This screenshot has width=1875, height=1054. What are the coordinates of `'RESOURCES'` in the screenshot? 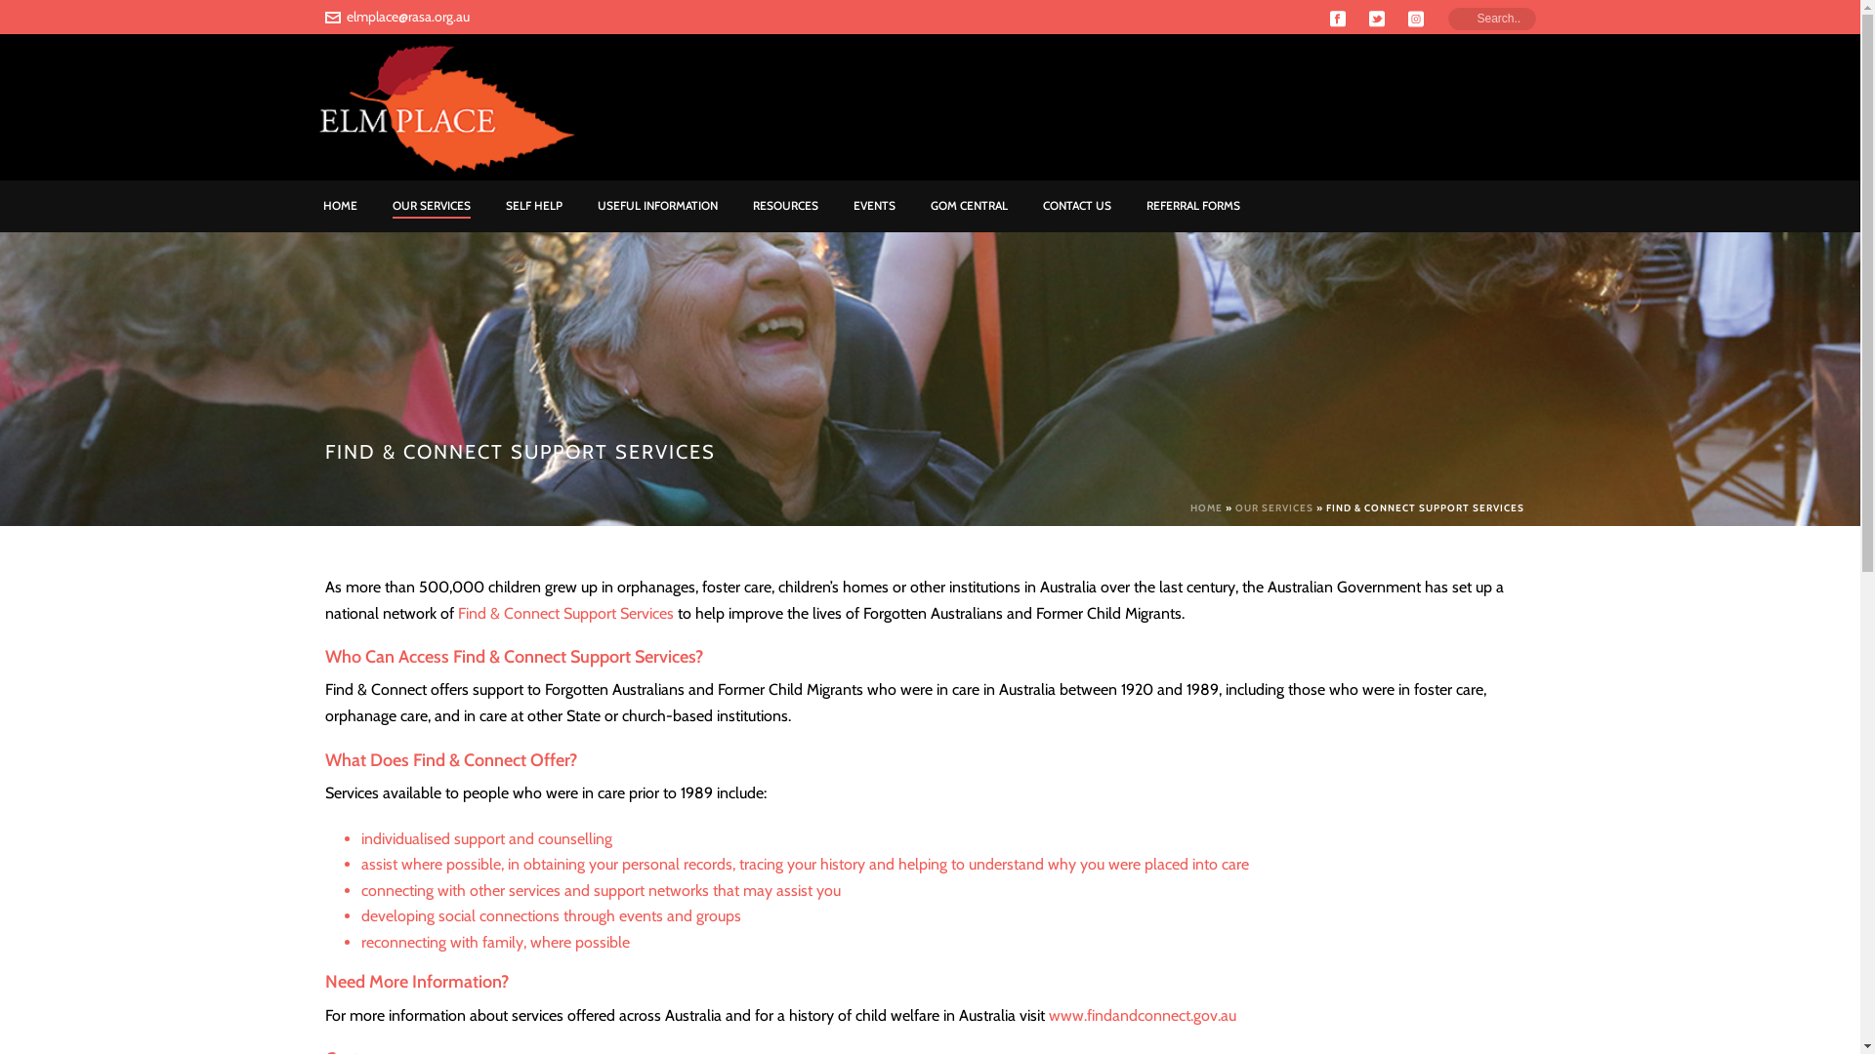 It's located at (784, 206).